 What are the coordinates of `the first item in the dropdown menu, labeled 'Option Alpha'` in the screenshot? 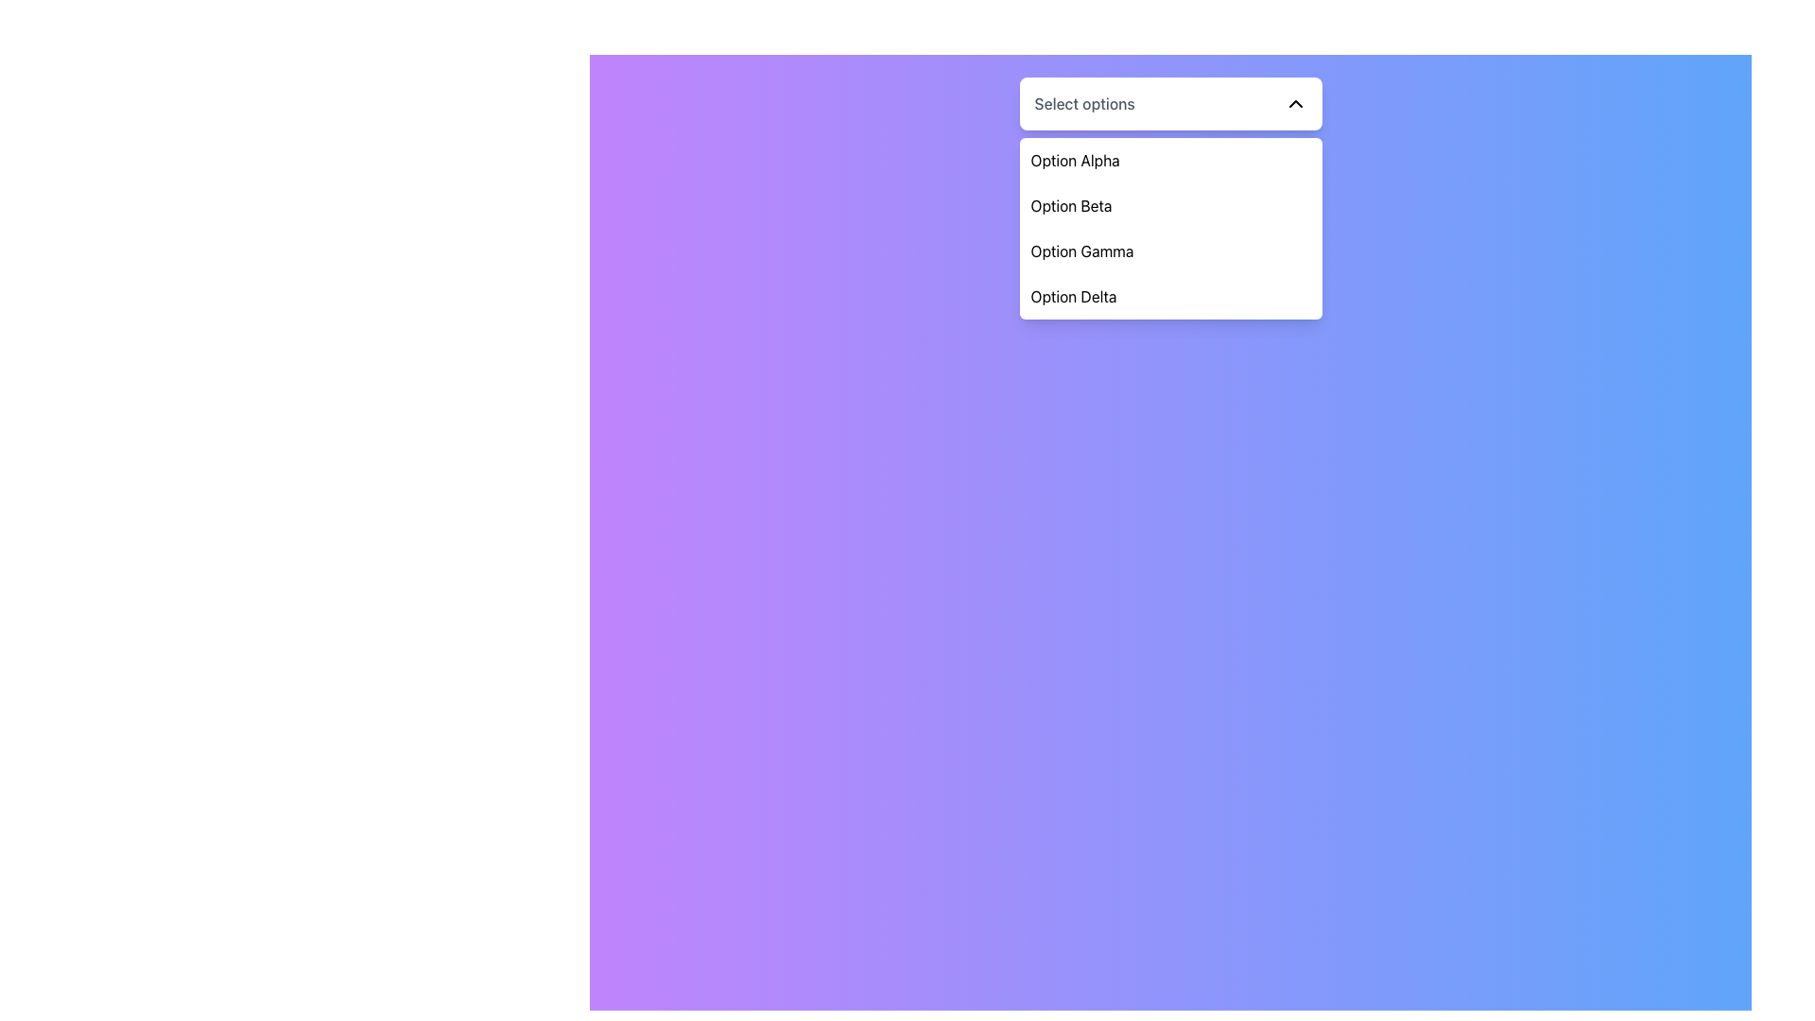 It's located at (1075, 159).